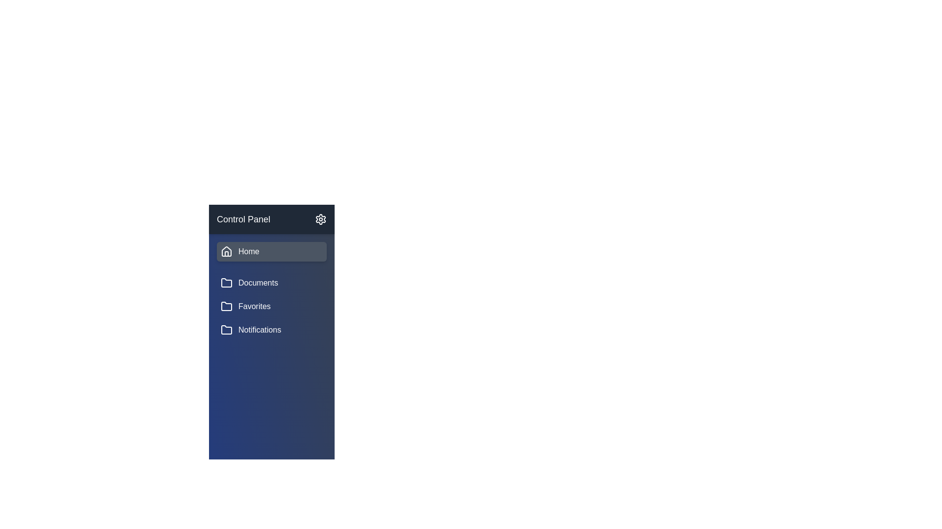  What do you see at coordinates (271, 283) in the screenshot?
I see `the list item labeled Documents to observe the hover effect` at bounding box center [271, 283].